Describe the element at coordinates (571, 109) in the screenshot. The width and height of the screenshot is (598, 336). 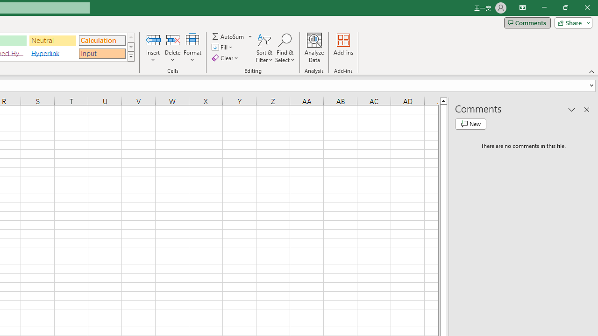
I see `'Task Pane Options'` at that location.